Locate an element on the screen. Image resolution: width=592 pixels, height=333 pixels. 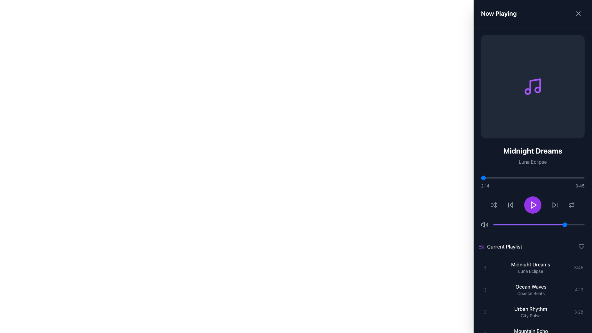
the slider is located at coordinates (499, 225).